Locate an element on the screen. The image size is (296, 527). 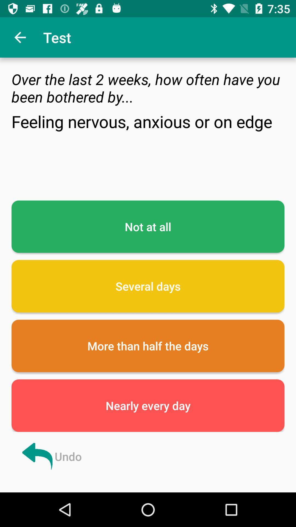
the item above the several days item is located at coordinates (148, 226).